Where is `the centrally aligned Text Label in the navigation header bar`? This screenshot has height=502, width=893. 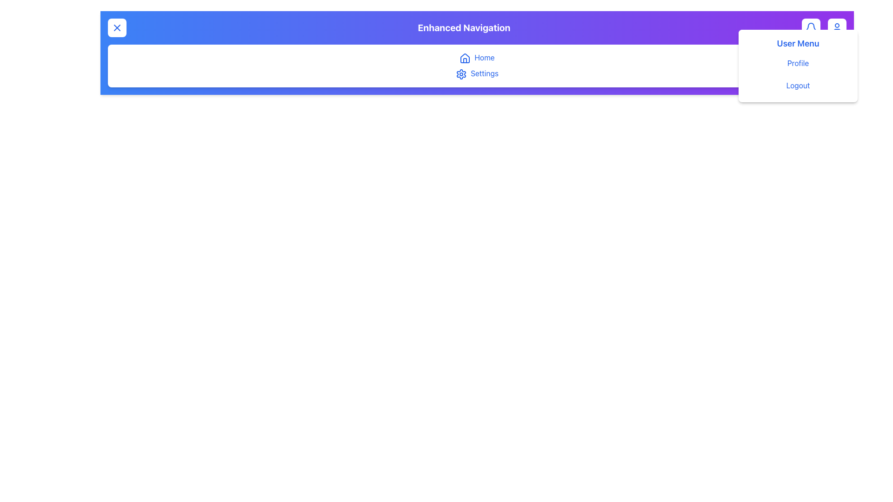
the centrally aligned Text Label in the navigation header bar is located at coordinates (464, 27).